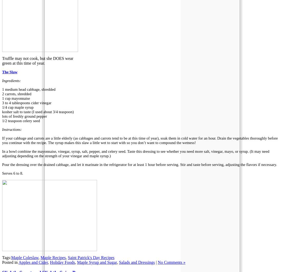 This screenshot has height=272, width=284. Describe the element at coordinates (21, 121) in the screenshot. I see `'1/2 teaspoon celery seed'` at that location.